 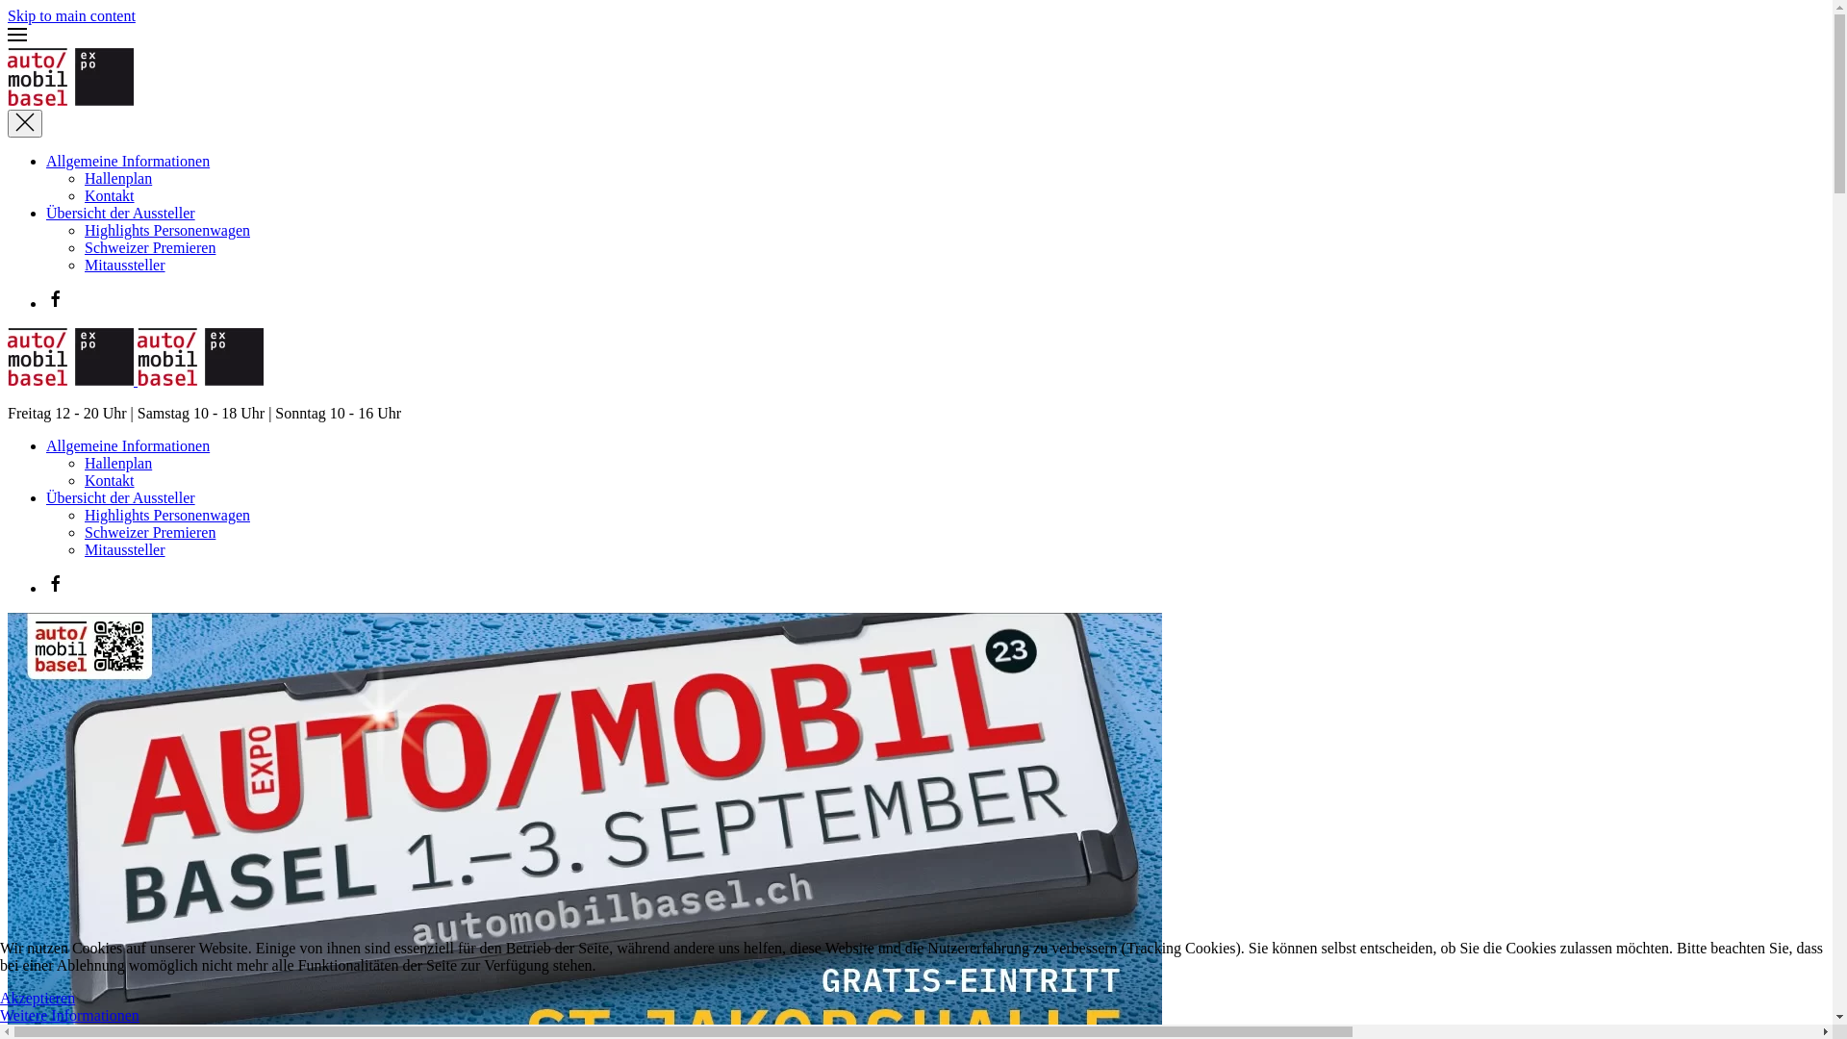 I want to click on 'Schweizer Premieren', so click(x=149, y=532).